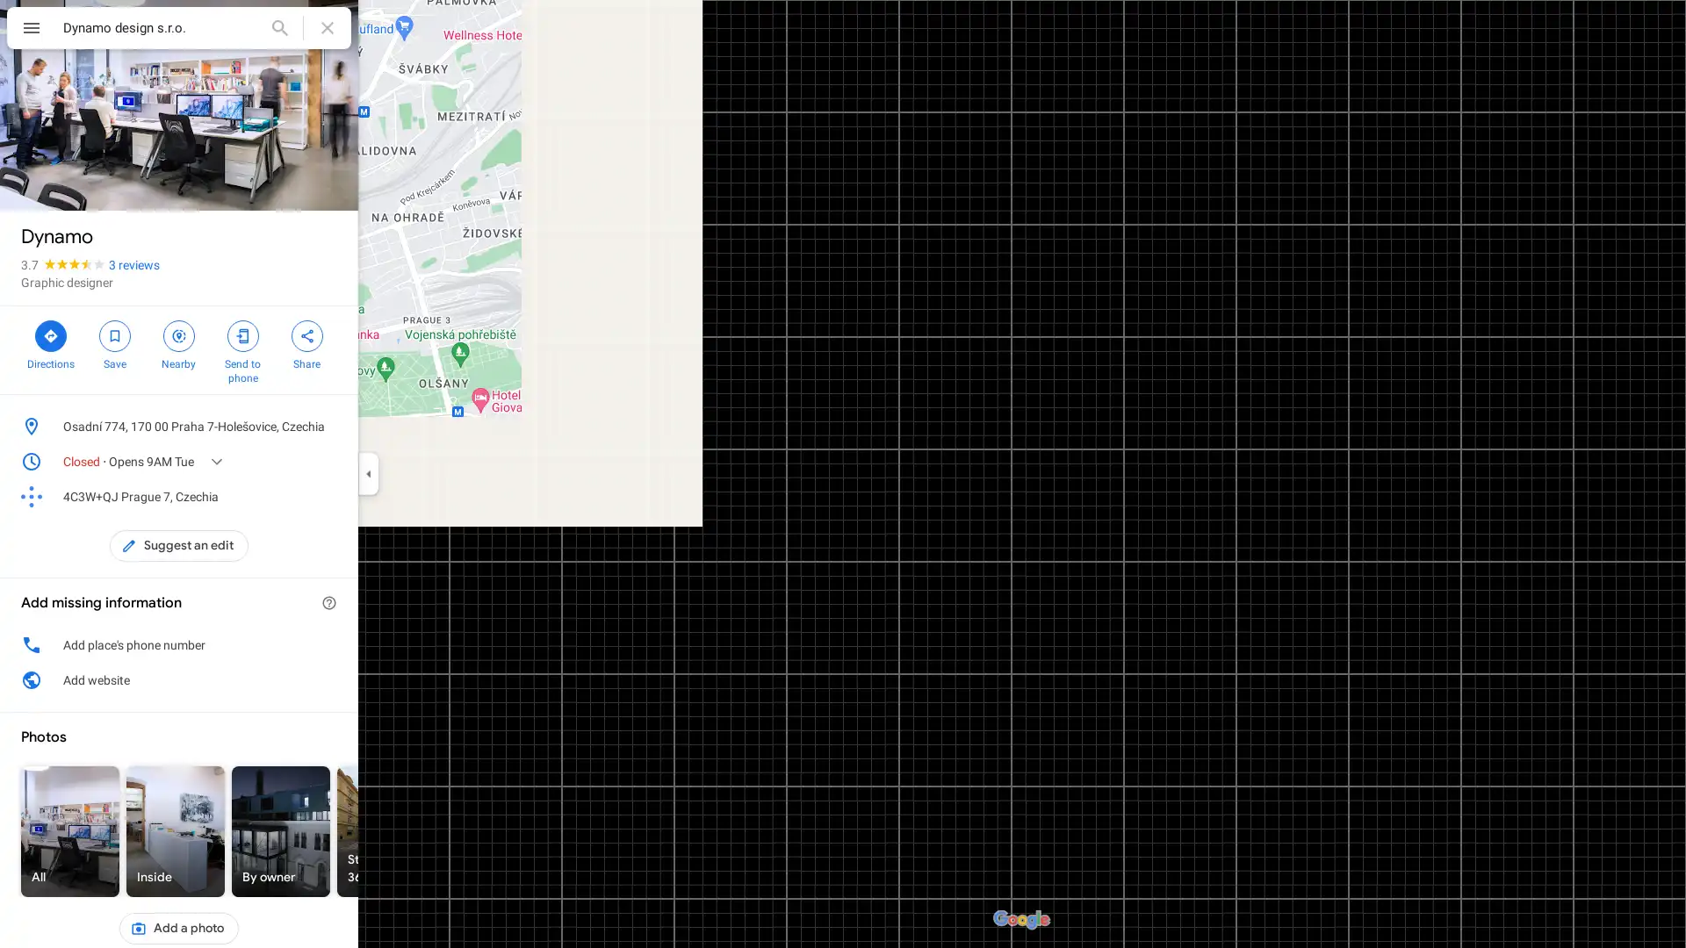 The width and height of the screenshot is (1686, 948). Describe the element at coordinates (281, 830) in the screenshot. I see `By owner` at that location.